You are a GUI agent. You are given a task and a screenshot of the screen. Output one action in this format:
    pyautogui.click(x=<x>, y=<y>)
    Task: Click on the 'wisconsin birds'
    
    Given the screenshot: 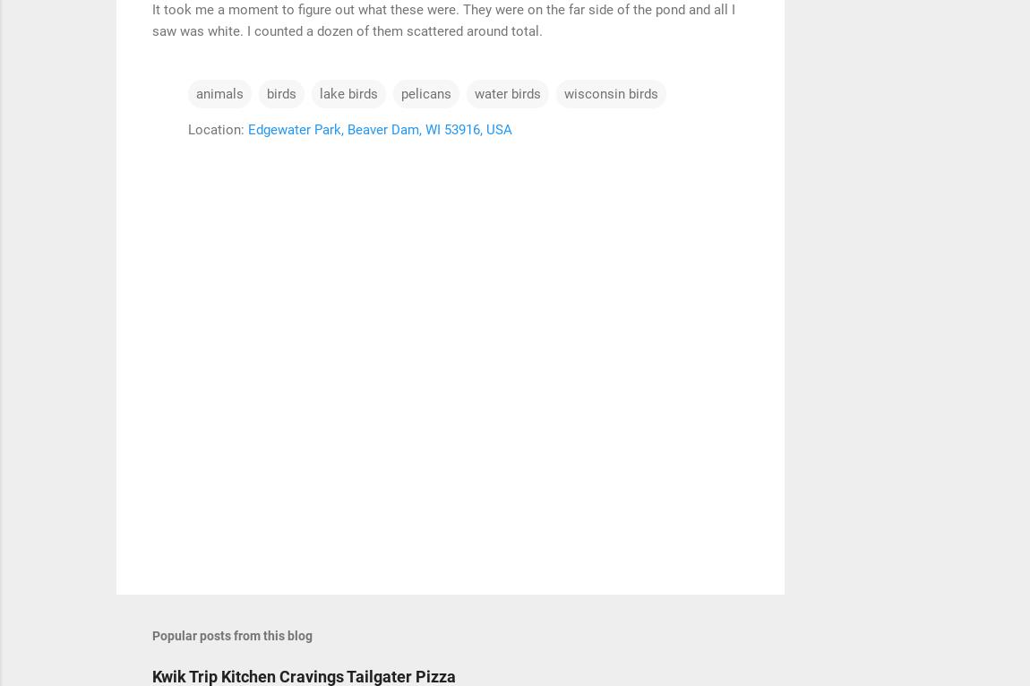 What is the action you would take?
    pyautogui.click(x=610, y=92)
    